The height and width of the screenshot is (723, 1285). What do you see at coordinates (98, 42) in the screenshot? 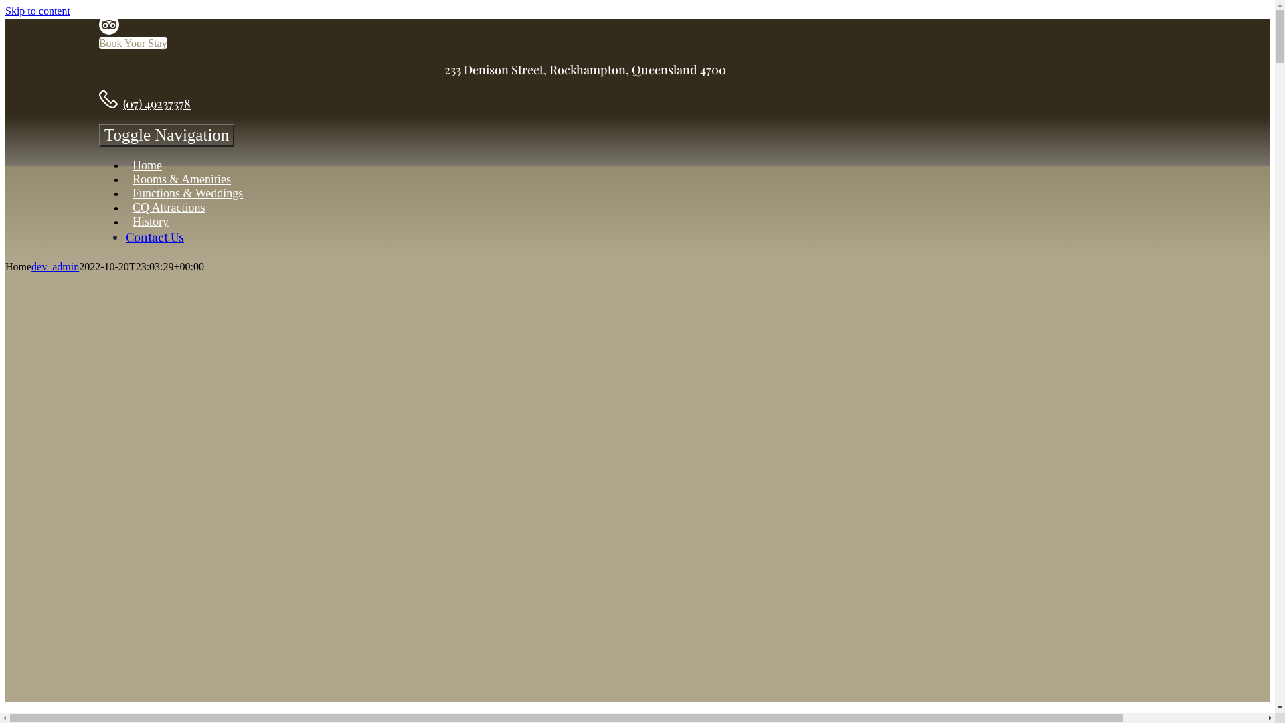
I see `'Book Your Stay'` at bounding box center [98, 42].